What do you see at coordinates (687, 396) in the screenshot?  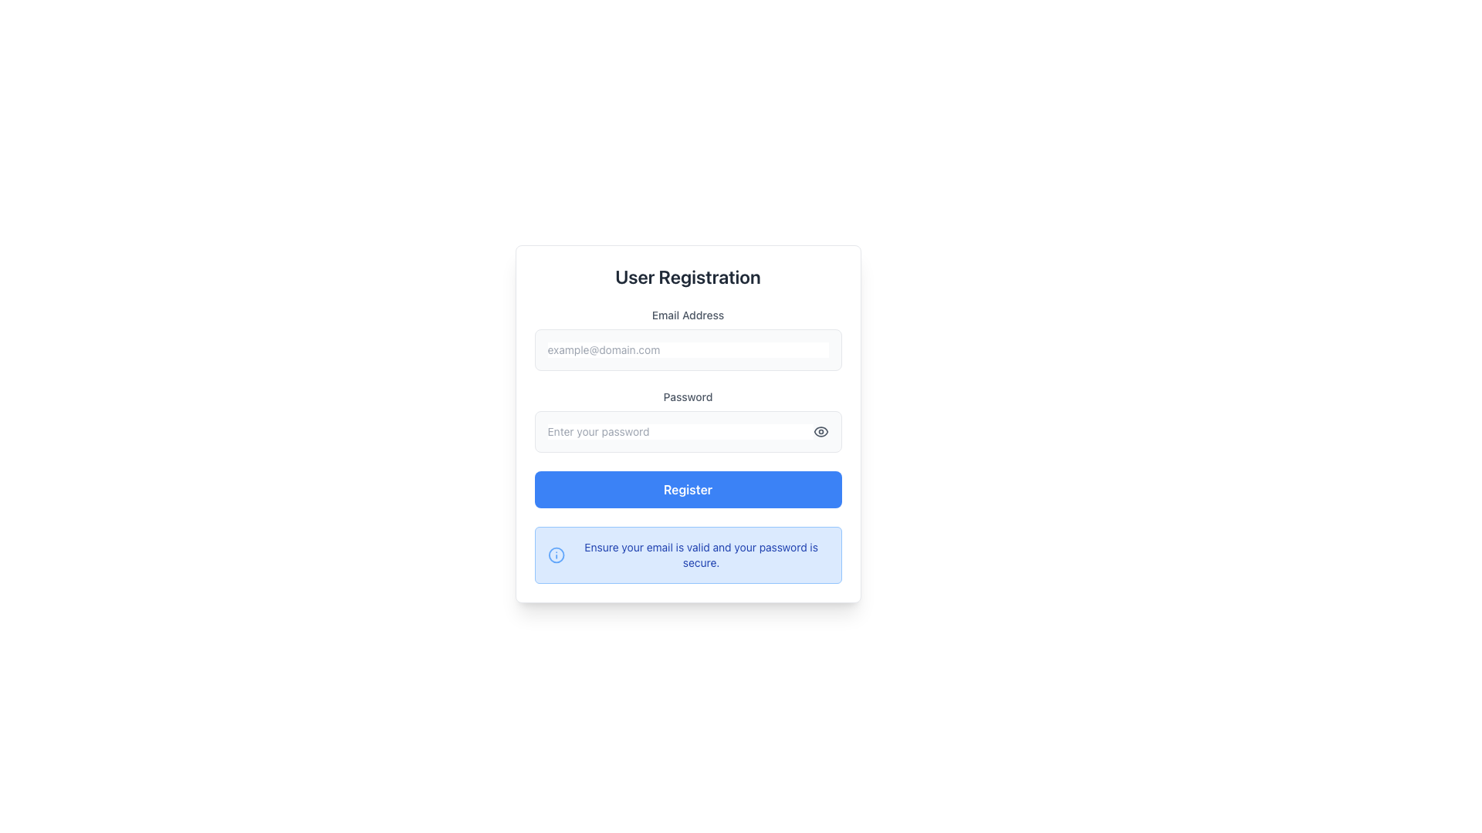 I see `the 'Password' text label, which is styled in gray and located between the 'Email Address' input label and the 'Enter your password' text field` at bounding box center [687, 396].